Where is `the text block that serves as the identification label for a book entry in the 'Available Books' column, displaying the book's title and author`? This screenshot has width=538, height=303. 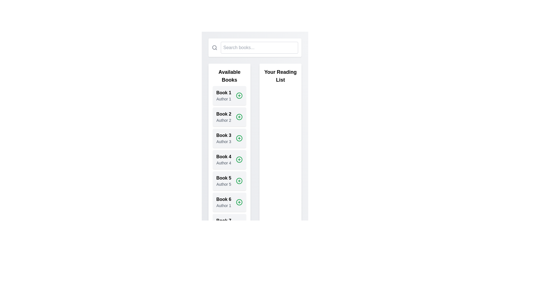
the text block that serves as the identification label for a book entry in the 'Available Books' column, displaying the book's title and author is located at coordinates (223, 95).